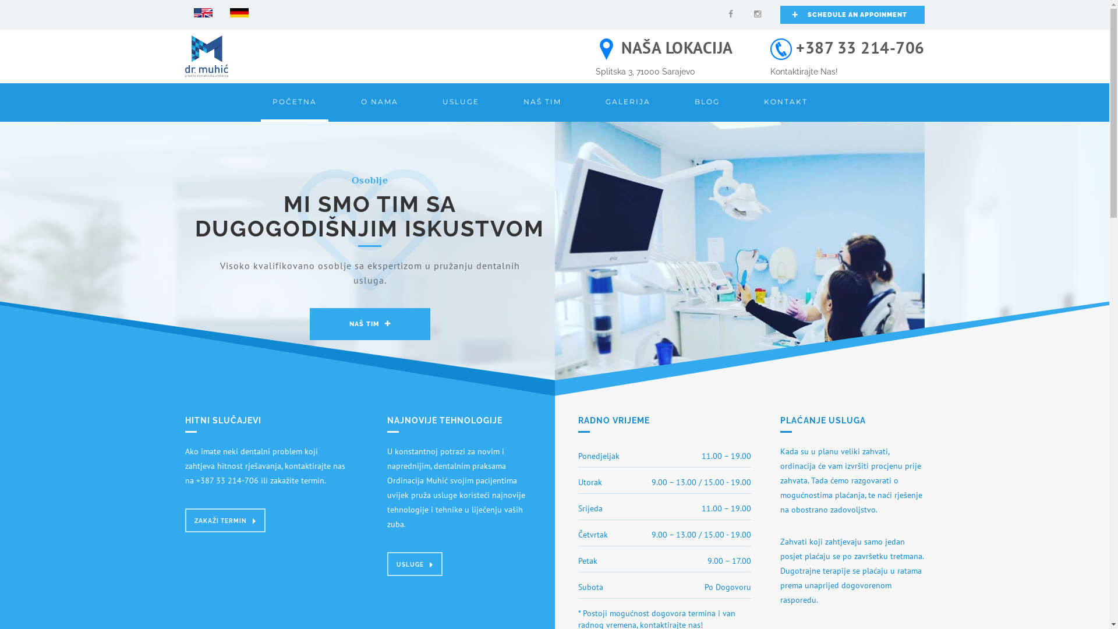 The height and width of the screenshot is (629, 1118). What do you see at coordinates (729, 13) in the screenshot?
I see `'Facebook'` at bounding box center [729, 13].